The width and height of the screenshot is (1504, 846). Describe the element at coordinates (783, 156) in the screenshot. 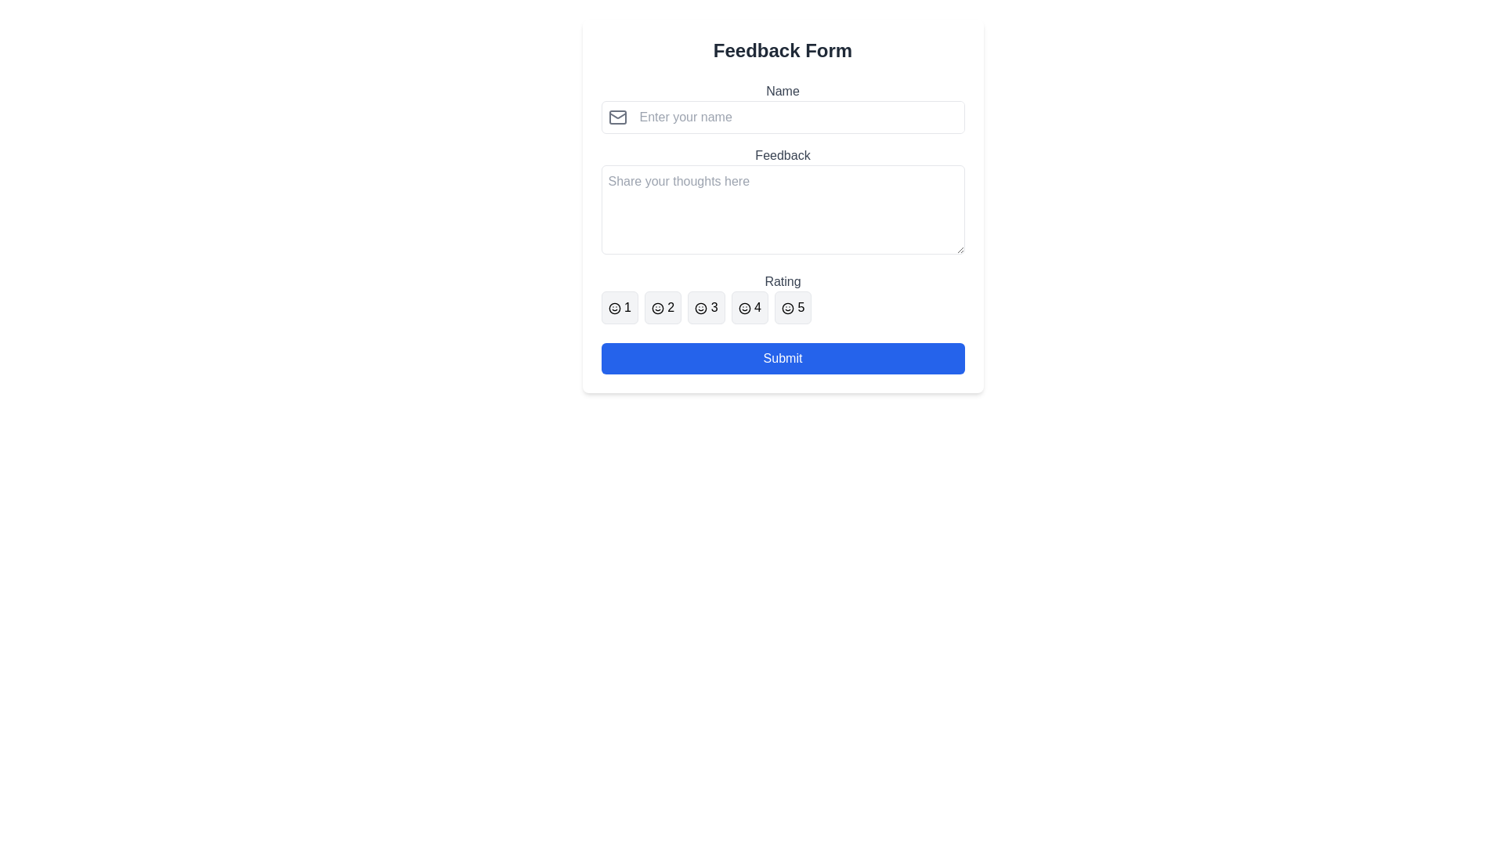

I see `the feedback label that indicates the input area for user feedback, located above the multi-line text input inviting users to 'Share your thoughts here'` at that location.